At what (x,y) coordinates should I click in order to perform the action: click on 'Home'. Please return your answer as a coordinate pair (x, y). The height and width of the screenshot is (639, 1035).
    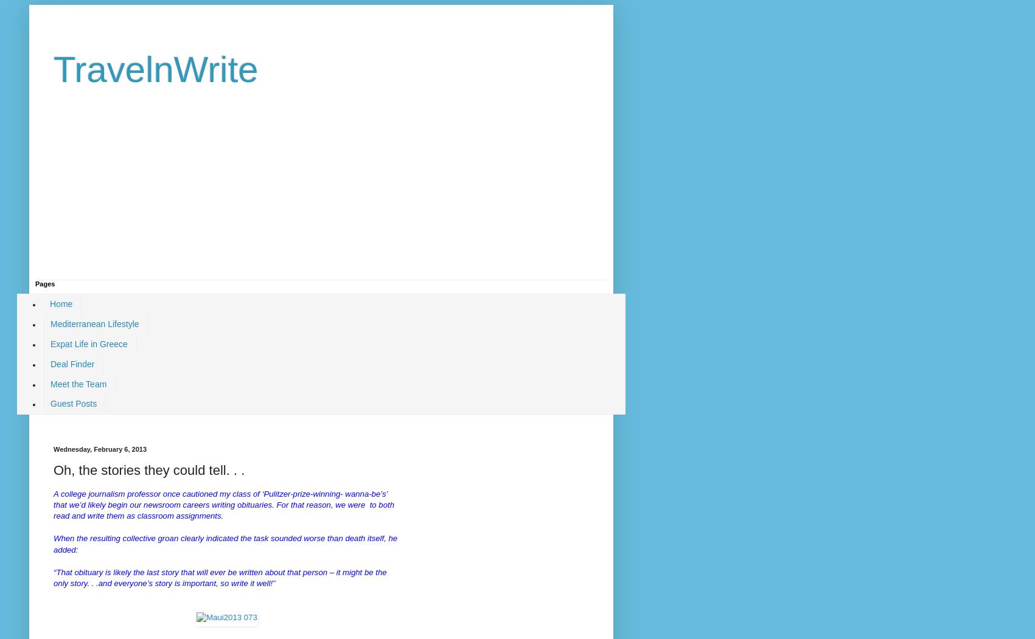
    Looking at the image, I should click on (61, 303).